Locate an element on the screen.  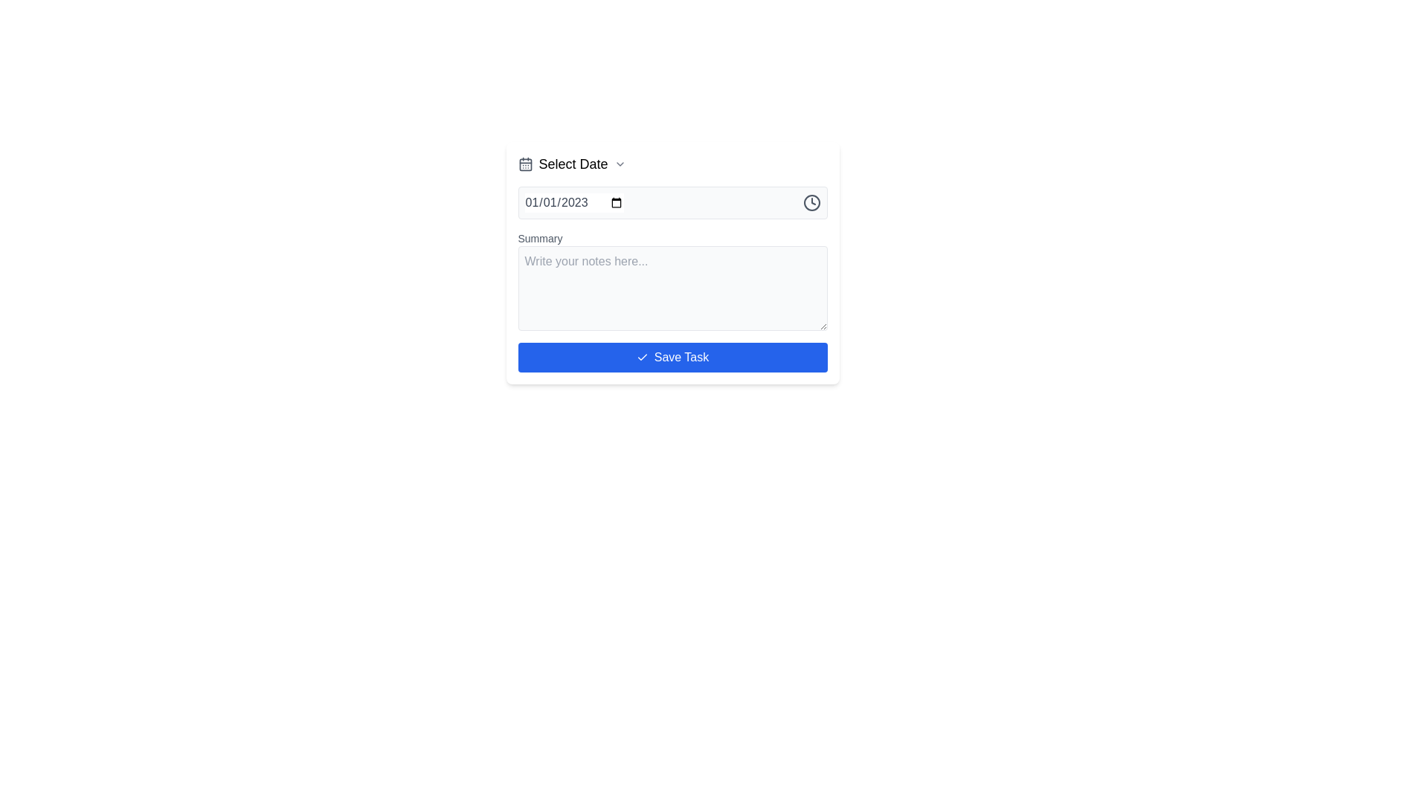
the gray clock icon located to the far right of the 'Summary' input field is located at coordinates (811, 203).